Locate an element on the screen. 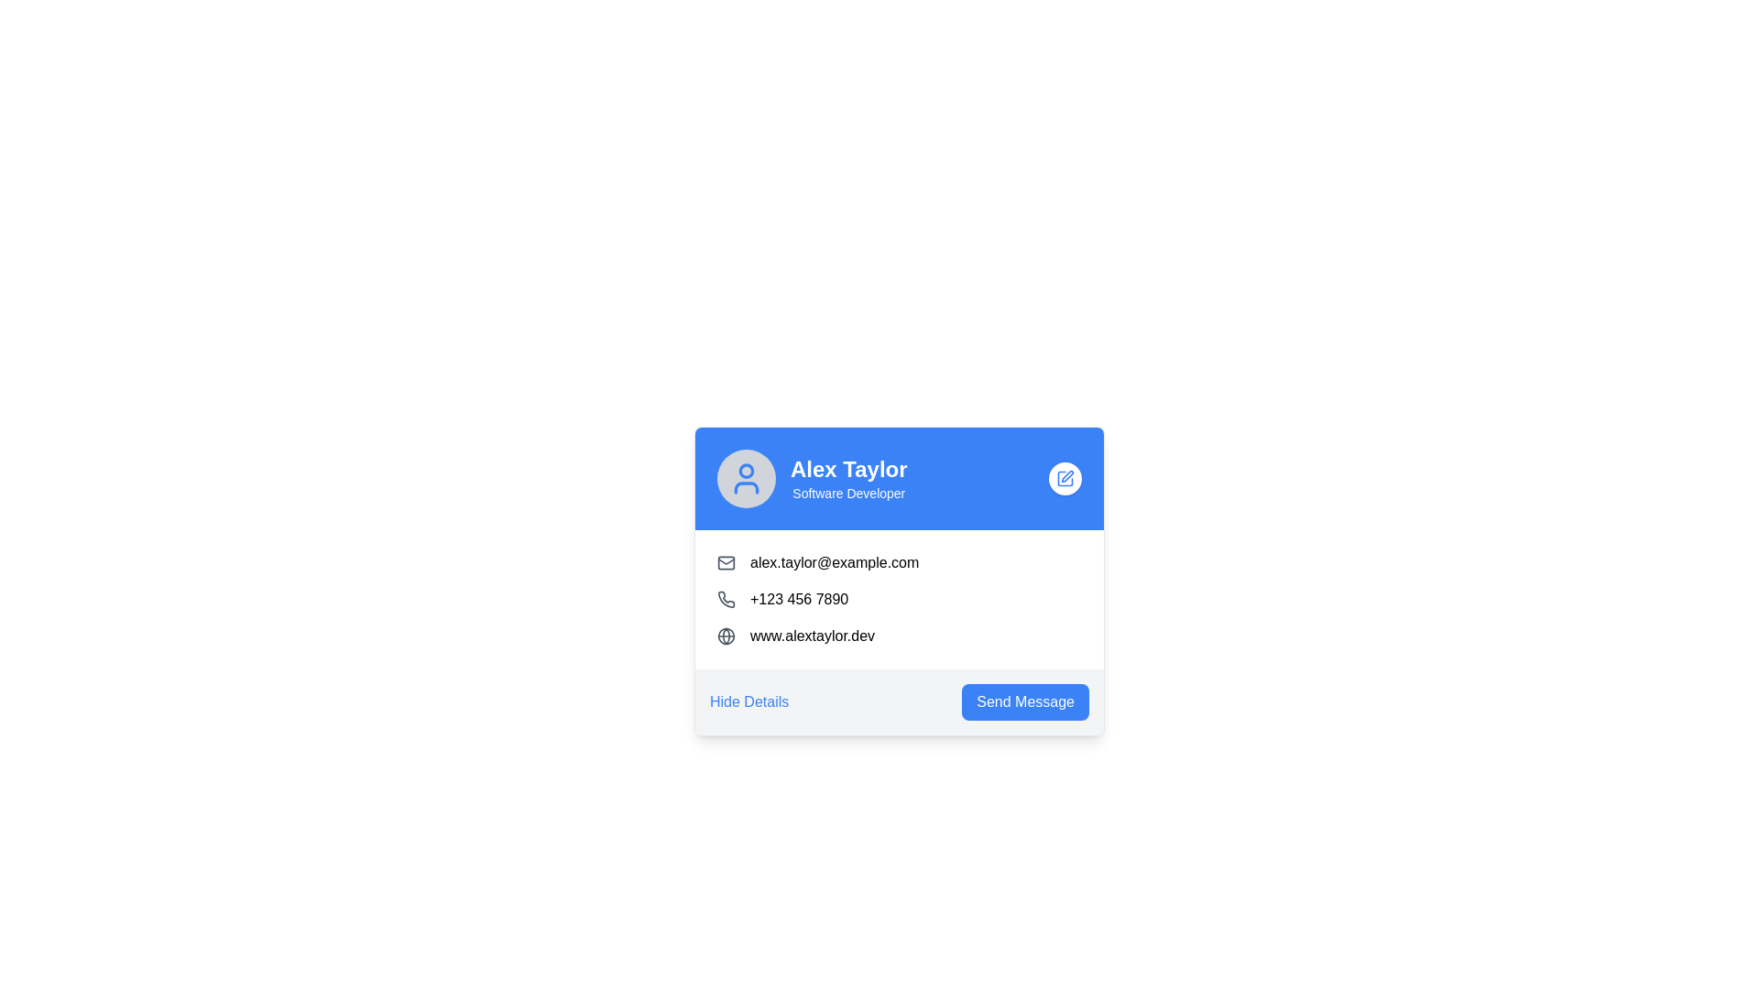 The width and height of the screenshot is (1759, 989). the small square icon button with a pen symbol inside, located in the top-right corner of the profile card, to initiate the edit action is located at coordinates (1065, 478).